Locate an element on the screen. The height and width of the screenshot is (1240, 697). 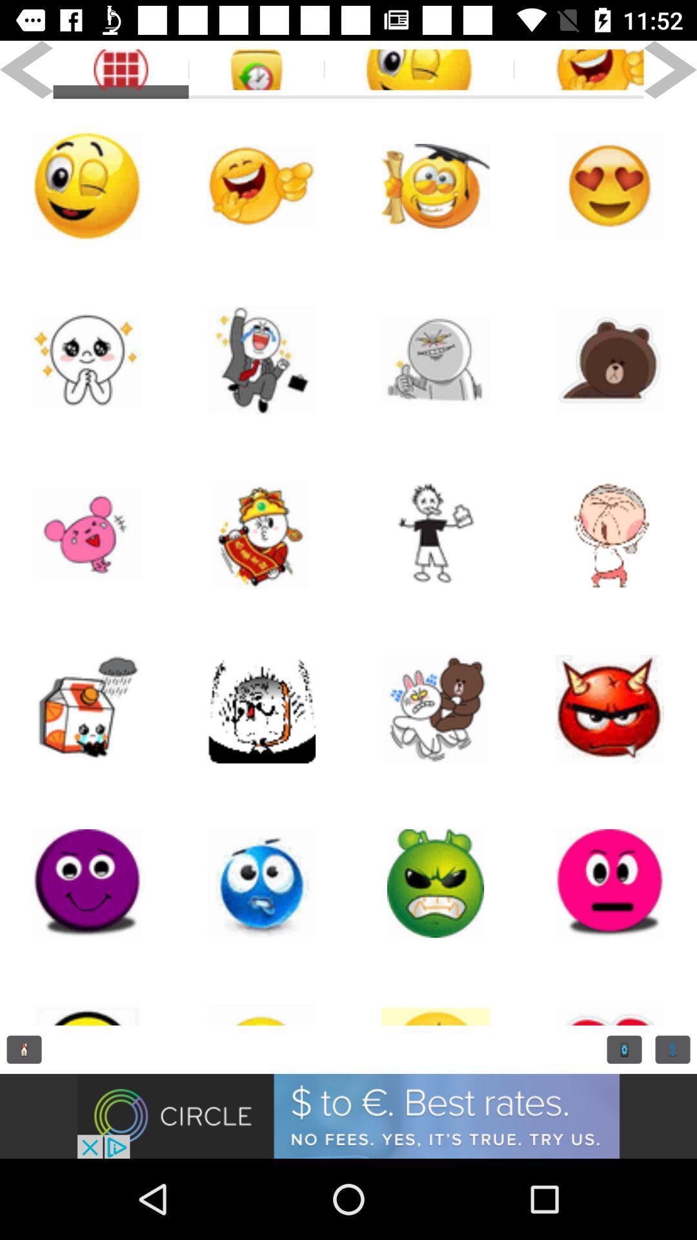
emoji is located at coordinates (261, 883).